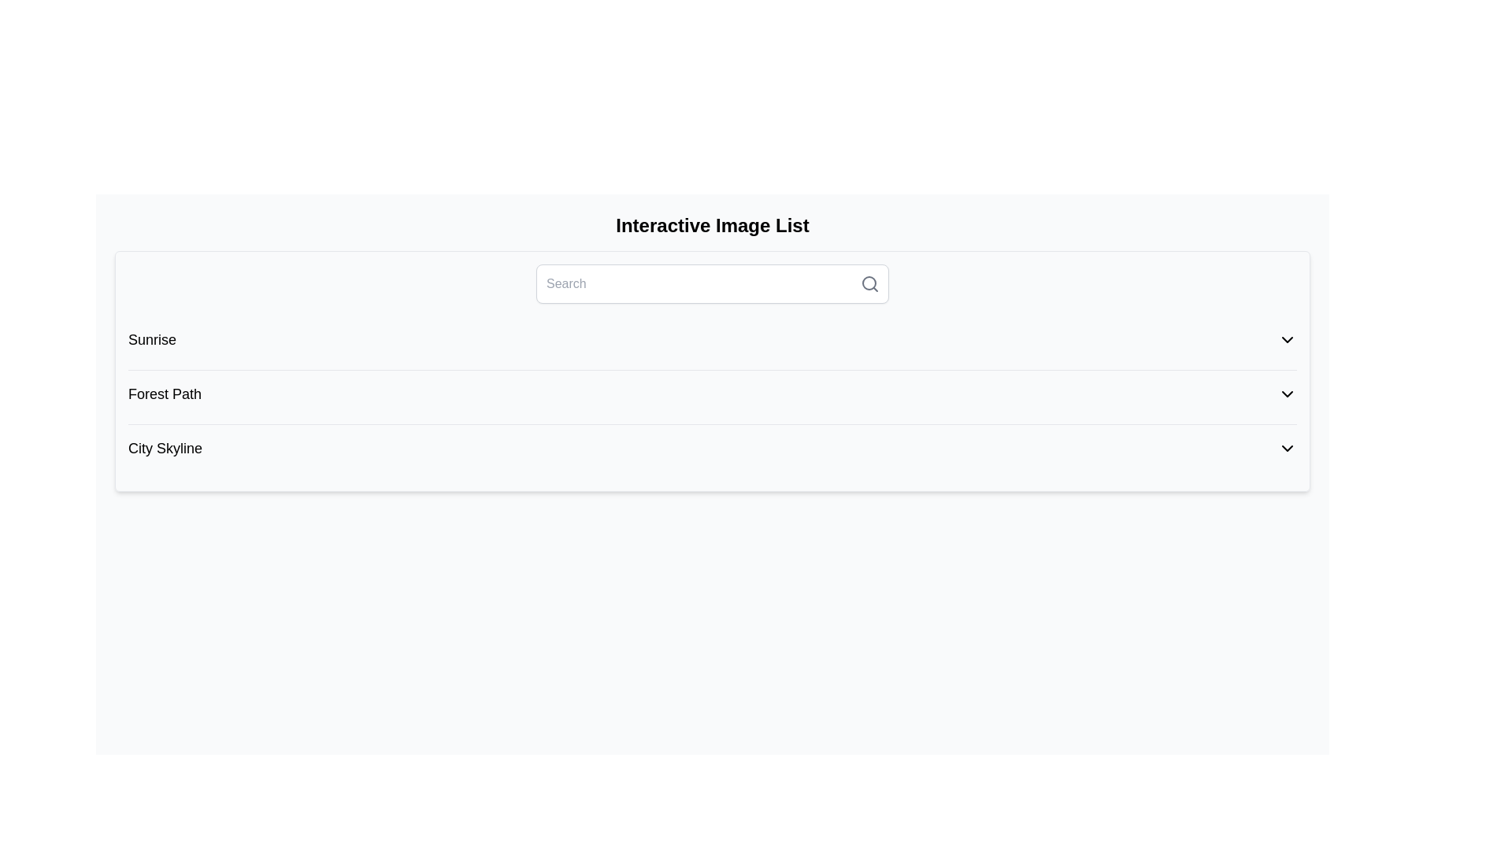 This screenshot has height=850, width=1512. What do you see at coordinates (712, 497) in the screenshot?
I see `the tag labeled 'CITY SKYLINE'` at bounding box center [712, 497].